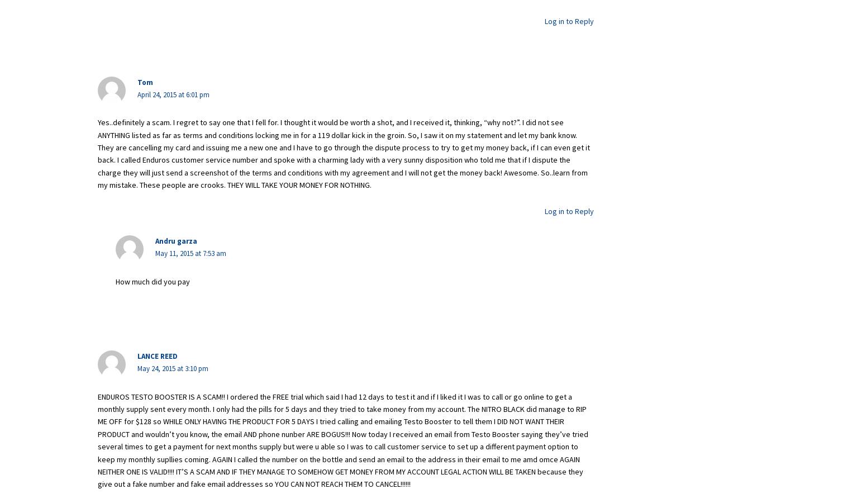 The width and height of the screenshot is (866, 503). What do you see at coordinates (157, 356) in the screenshot?
I see `'LANCE REED'` at bounding box center [157, 356].